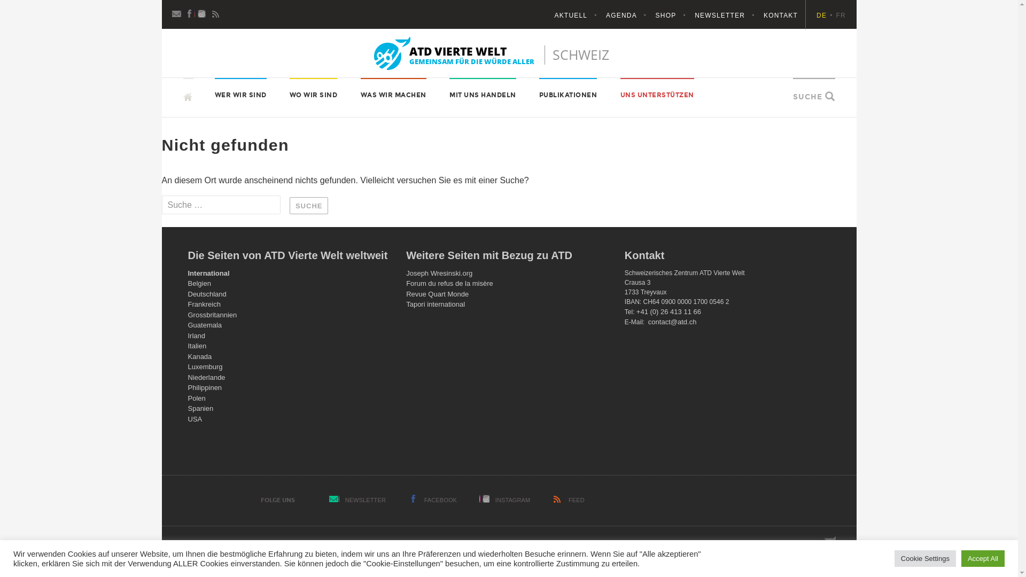 This screenshot has width=1026, height=577. I want to click on 'Accept All', so click(983, 558).